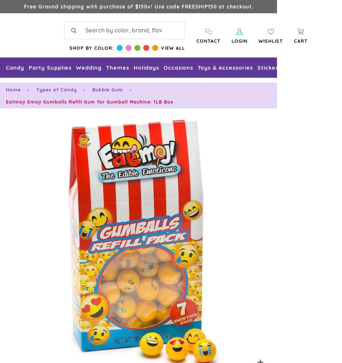 The height and width of the screenshot is (363, 342). Describe the element at coordinates (19, 317) in the screenshot. I see `'Contact Us'` at that location.